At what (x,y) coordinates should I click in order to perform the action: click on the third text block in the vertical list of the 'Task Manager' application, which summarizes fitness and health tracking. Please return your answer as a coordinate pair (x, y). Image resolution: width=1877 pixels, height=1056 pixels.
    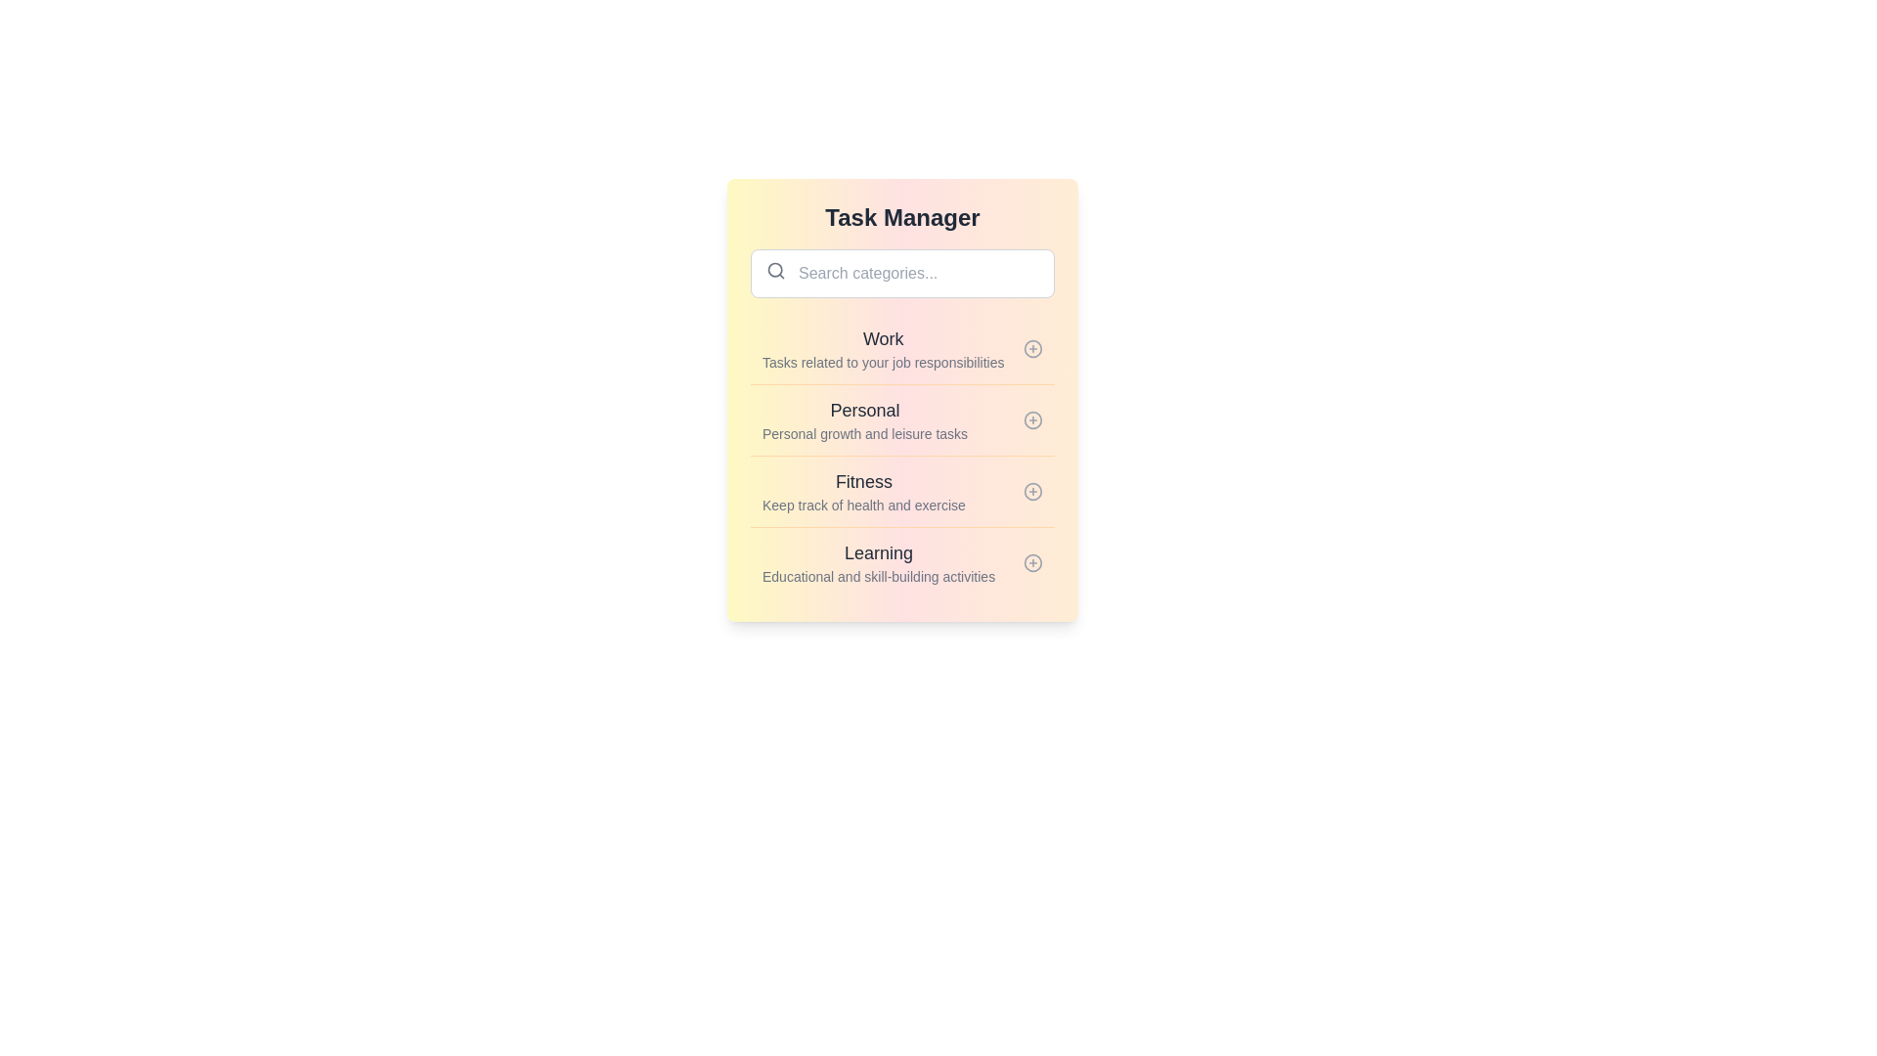
    Looking at the image, I should click on (862, 490).